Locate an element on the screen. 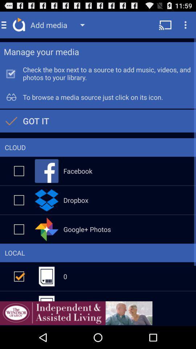 The width and height of the screenshot is (196, 349). tick box button is located at coordinates (19, 171).